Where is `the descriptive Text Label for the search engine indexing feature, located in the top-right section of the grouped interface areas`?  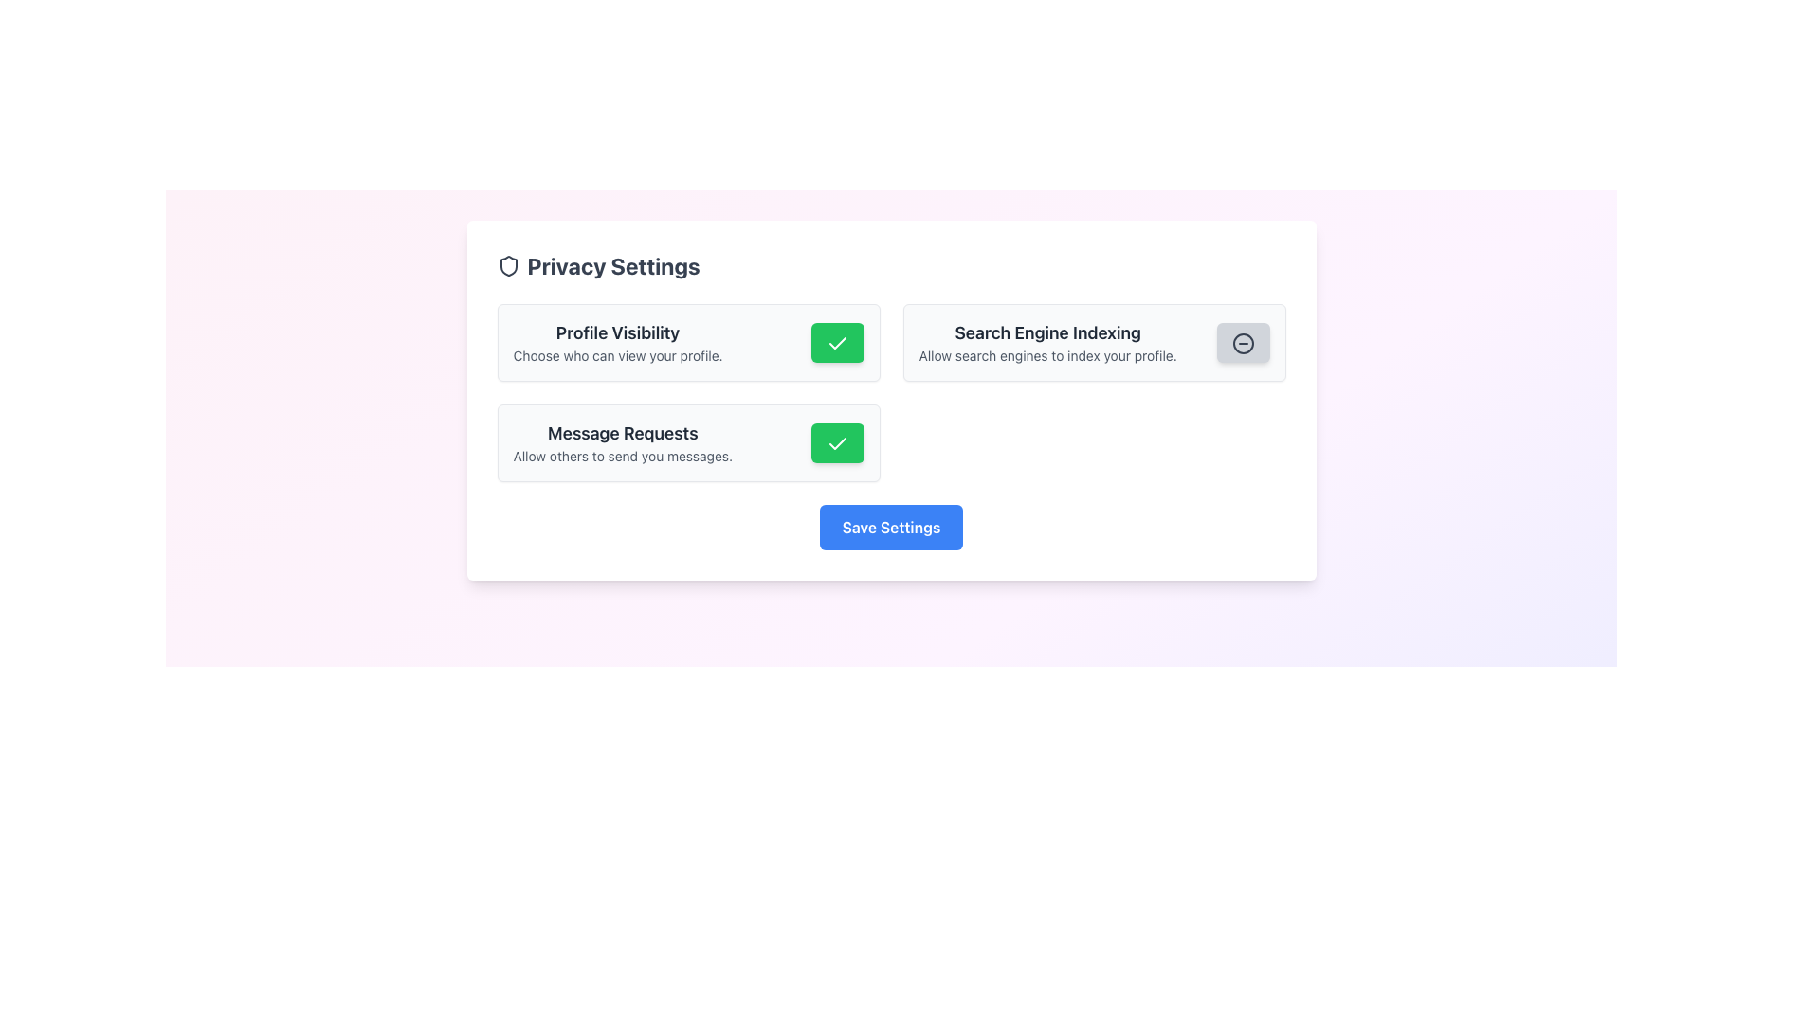
the descriptive Text Label for the search engine indexing feature, located in the top-right section of the grouped interface areas is located at coordinates (1046, 332).